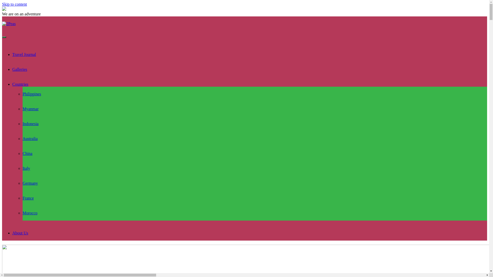 The width and height of the screenshot is (493, 277). What do you see at coordinates (26, 168) in the screenshot?
I see `'Italy'` at bounding box center [26, 168].